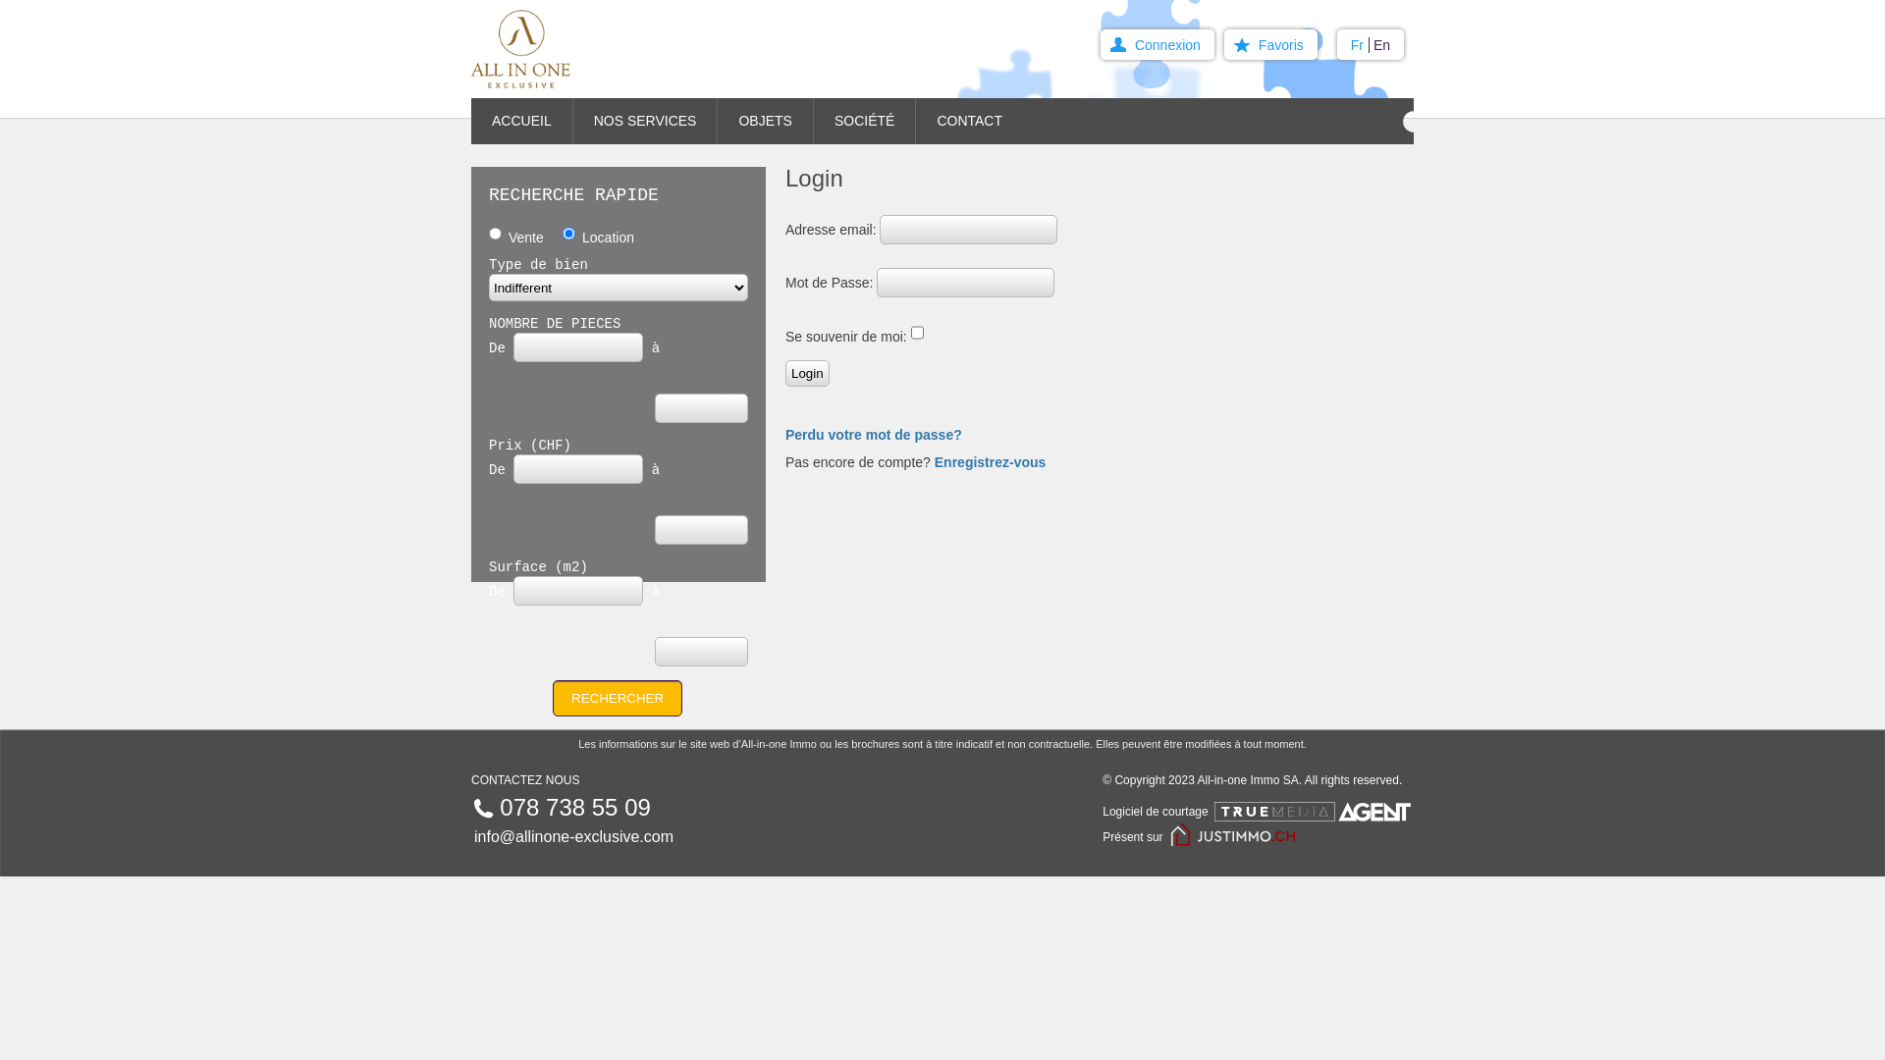  What do you see at coordinates (1359, 44) in the screenshot?
I see `'Fr'` at bounding box center [1359, 44].